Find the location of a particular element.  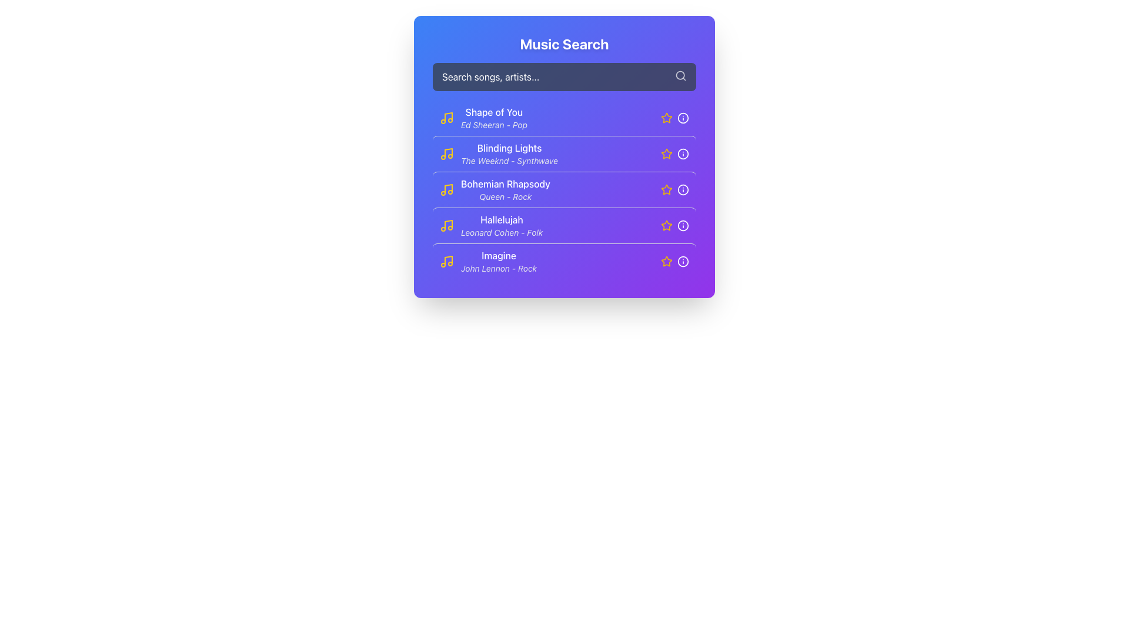

the fourth list item displaying a song title, artist, and genre details is located at coordinates (491, 226).